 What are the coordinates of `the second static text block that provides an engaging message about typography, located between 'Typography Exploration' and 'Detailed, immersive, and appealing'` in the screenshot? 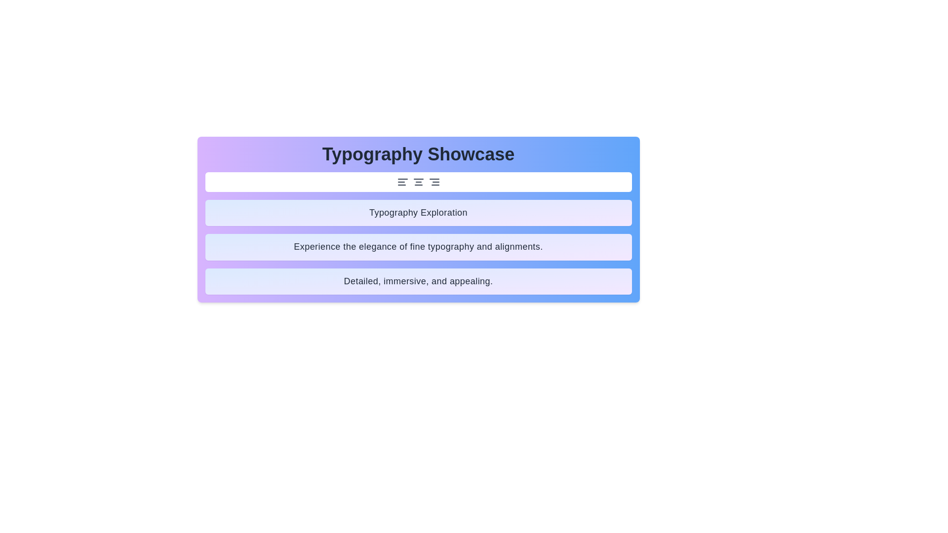 It's located at (418, 246).